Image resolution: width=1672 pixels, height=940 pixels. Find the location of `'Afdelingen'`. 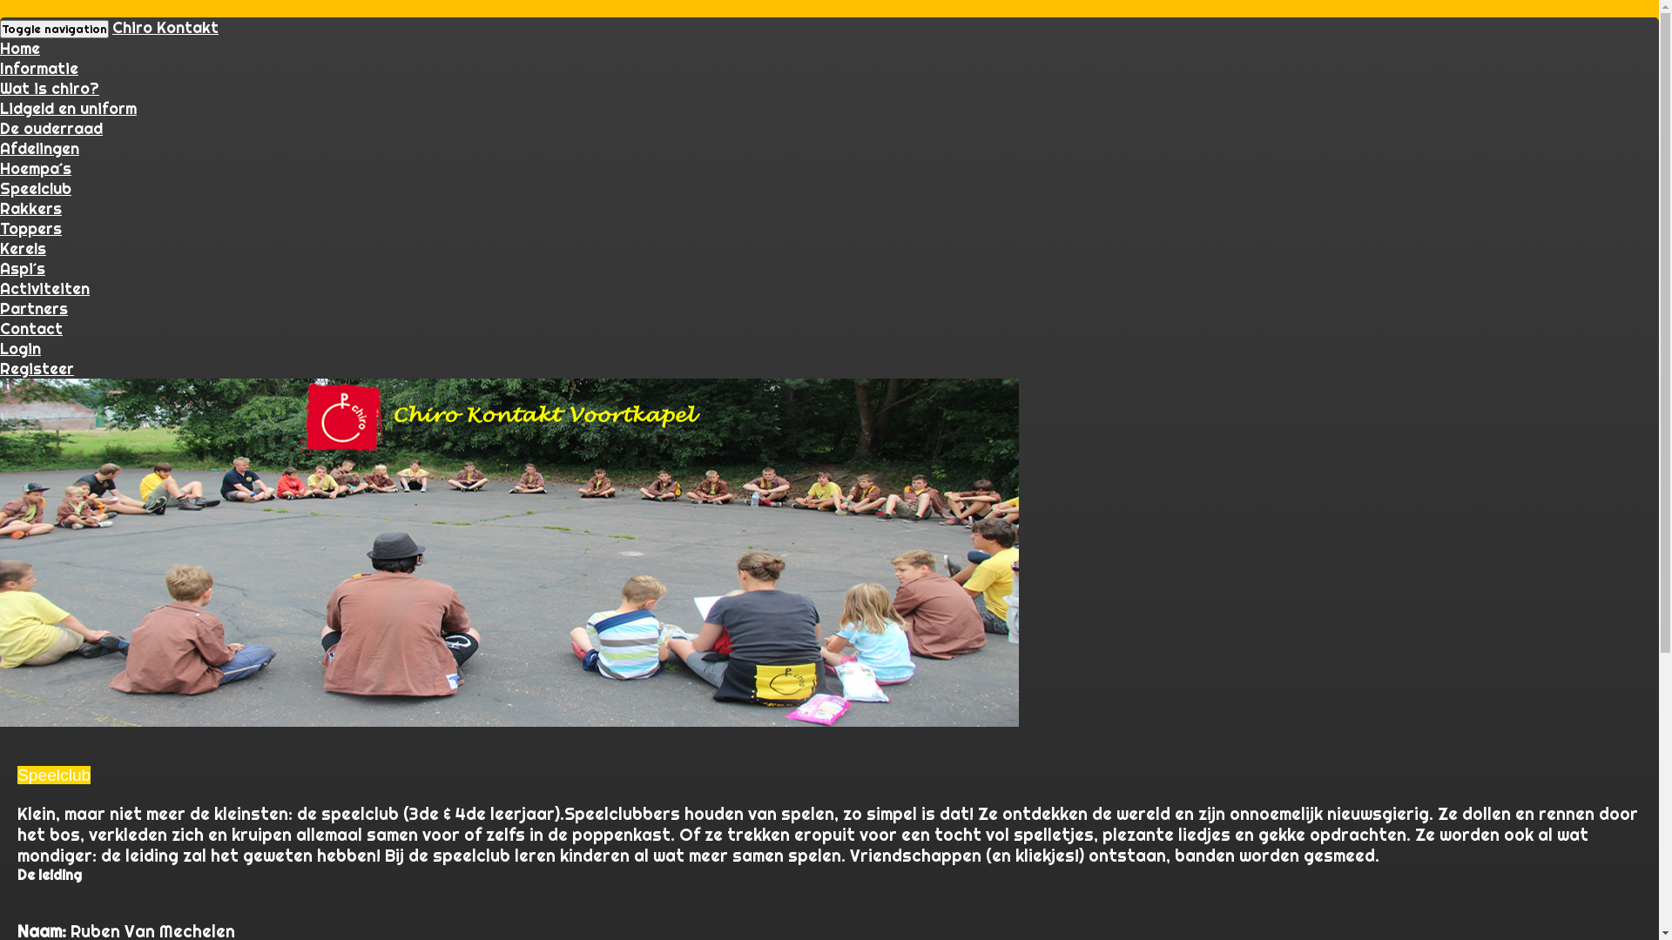

'Afdelingen' is located at coordinates (39, 147).